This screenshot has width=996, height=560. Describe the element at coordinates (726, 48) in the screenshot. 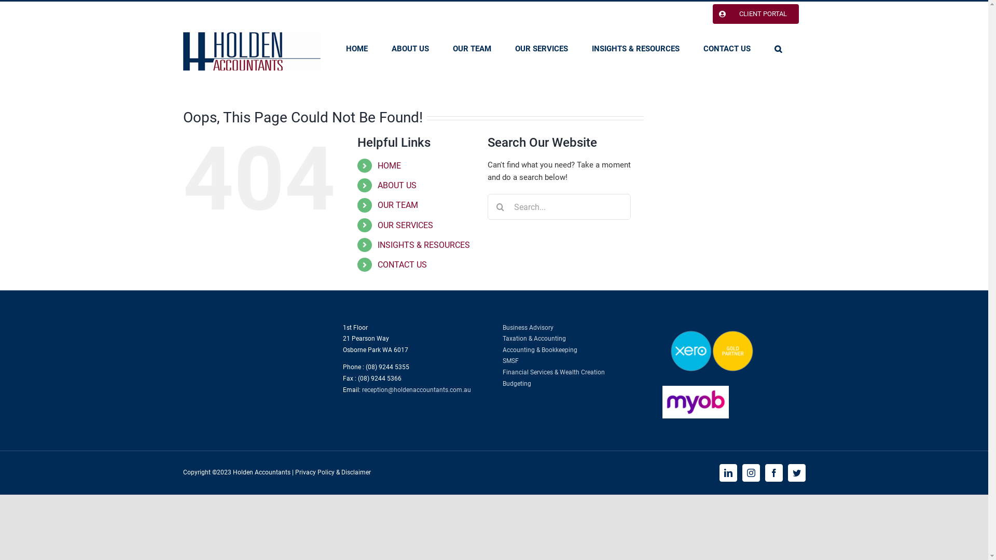

I see `'CONTACT US'` at that location.